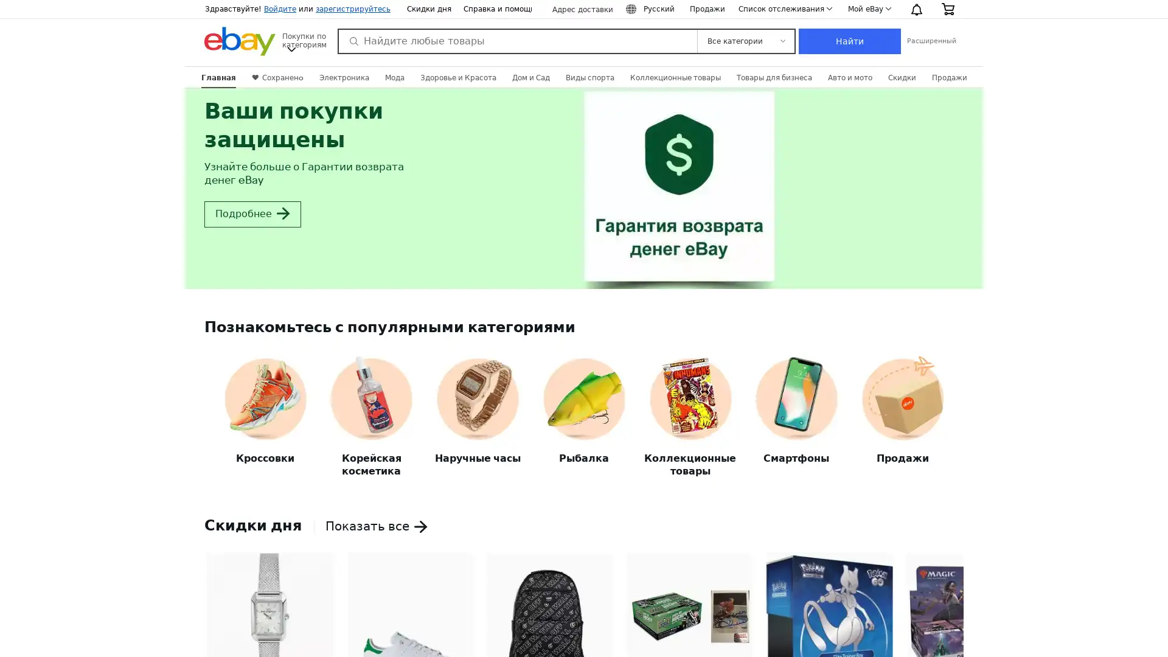  I want to click on :, so click(651, 9).